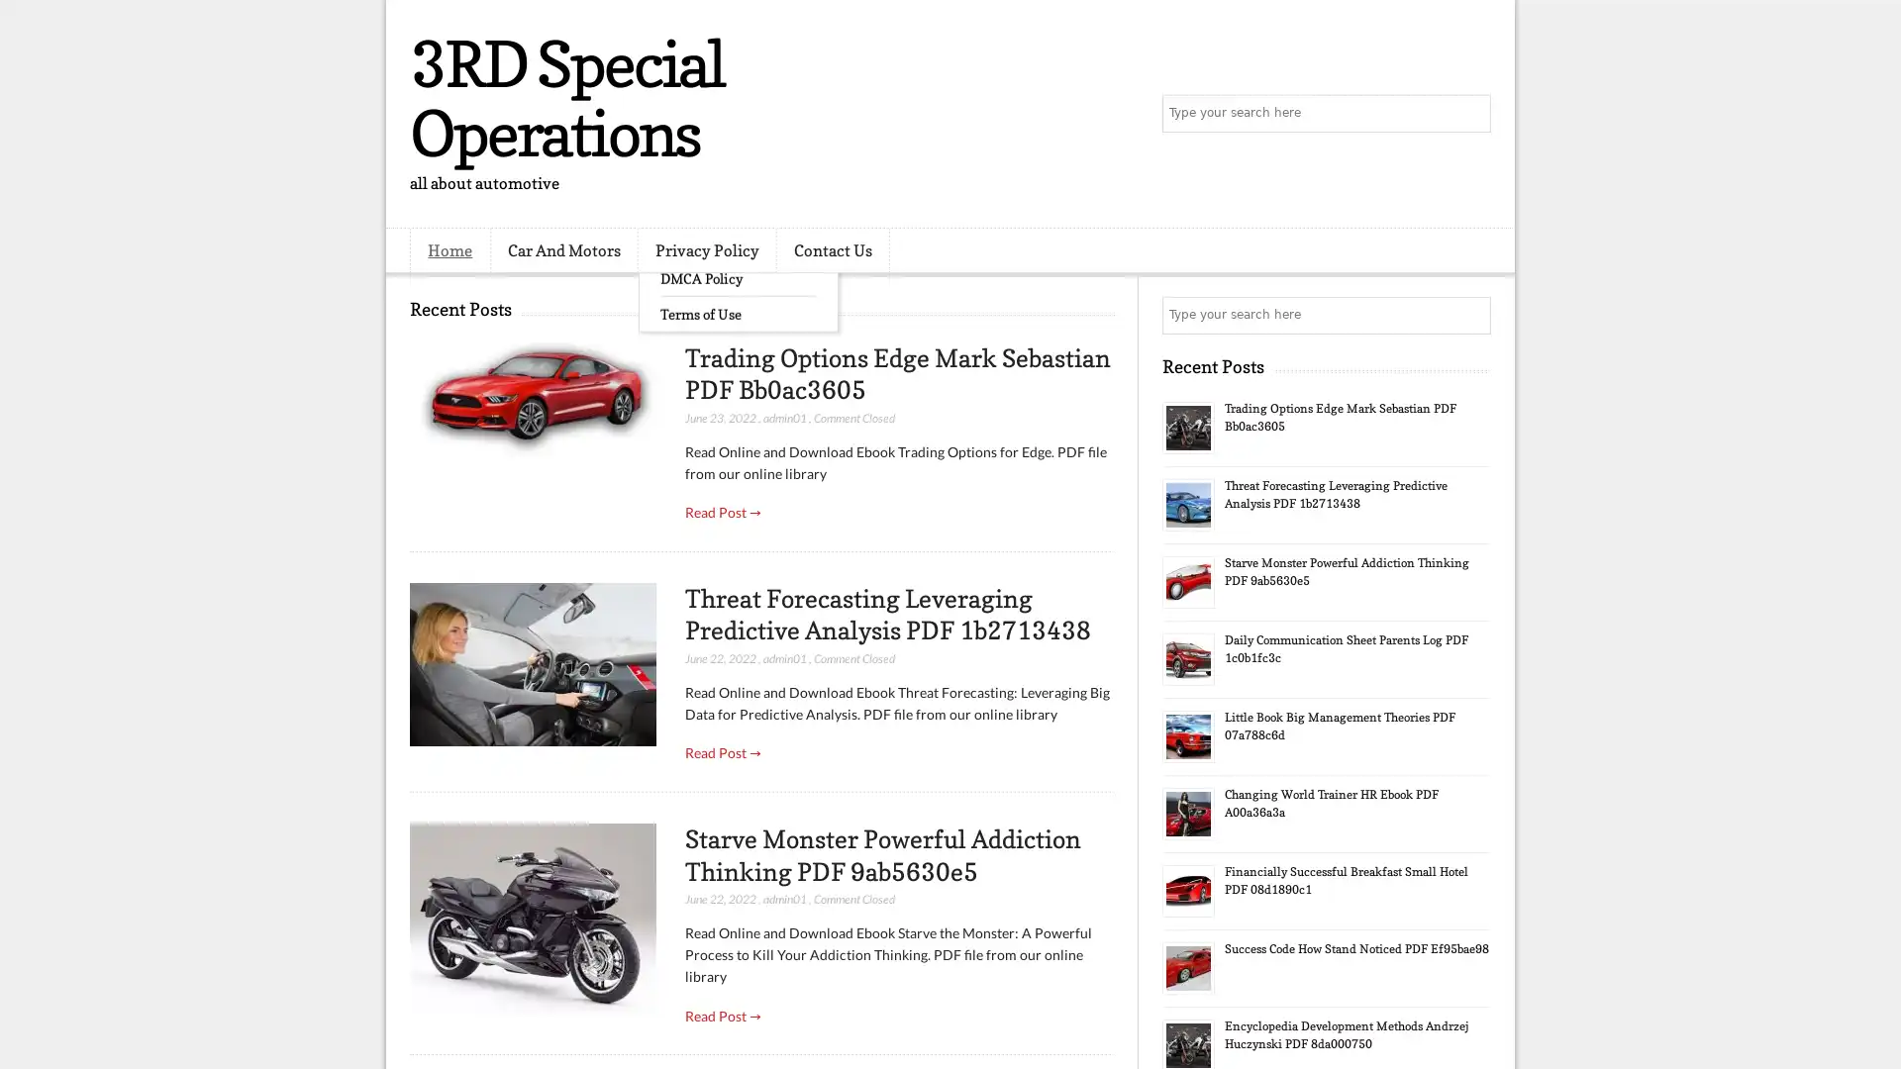  What do you see at coordinates (1470, 114) in the screenshot?
I see `Search` at bounding box center [1470, 114].